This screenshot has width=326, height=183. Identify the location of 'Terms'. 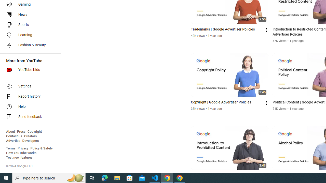
(11, 148).